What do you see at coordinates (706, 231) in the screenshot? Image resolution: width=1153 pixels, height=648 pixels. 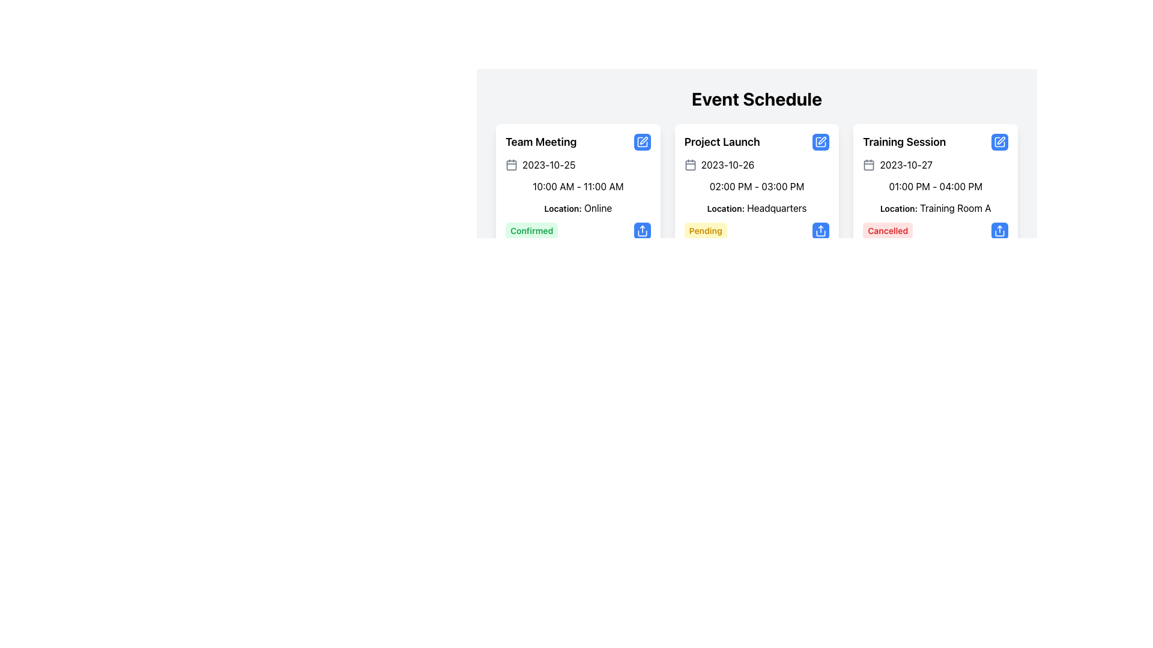 I see `the status label indicating the event is pending within the 'Project Launch' card in the 'Event Schedule' section` at bounding box center [706, 231].